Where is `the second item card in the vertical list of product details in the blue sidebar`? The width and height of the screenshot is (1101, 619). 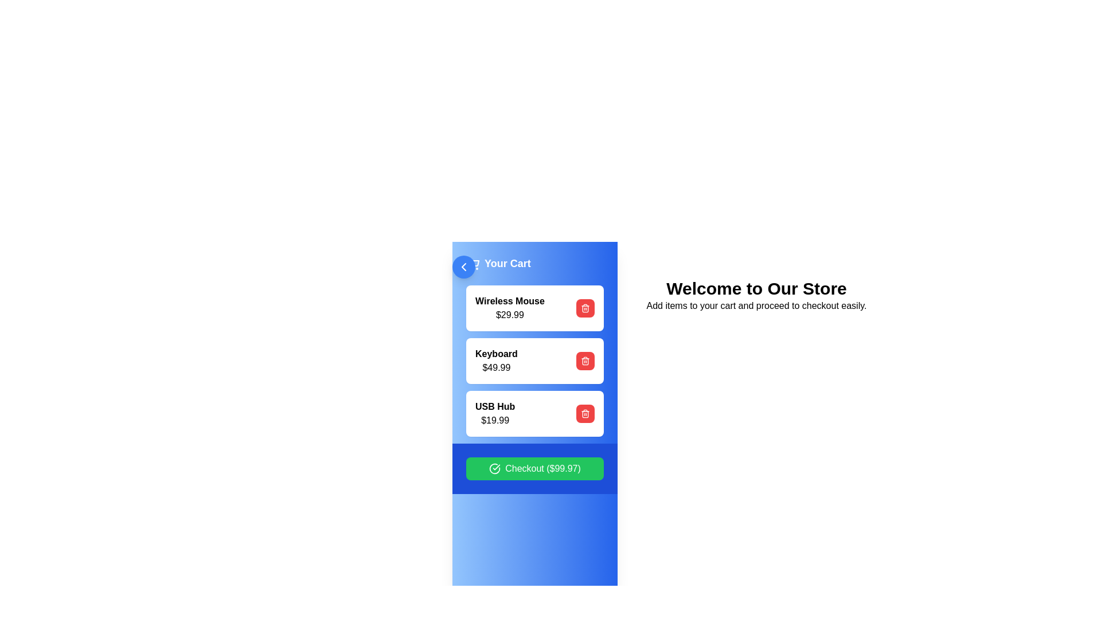 the second item card in the vertical list of product details in the blue sidebar is located at coordinates (534, 360).